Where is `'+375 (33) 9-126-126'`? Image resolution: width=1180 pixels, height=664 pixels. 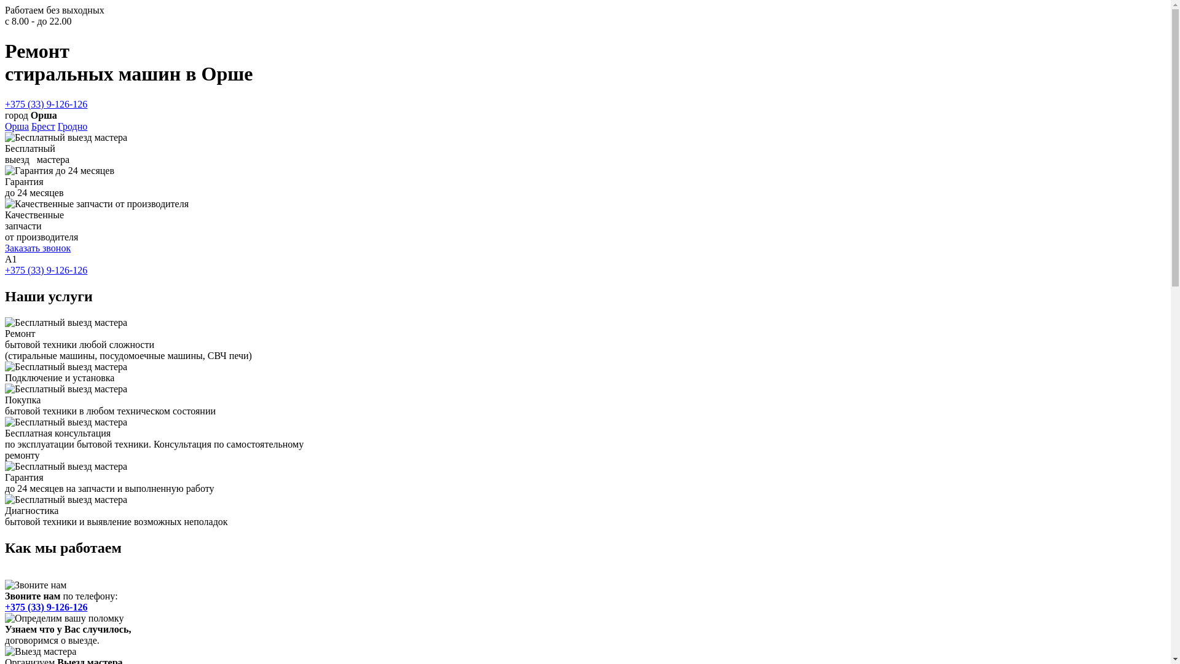
'+375 (33) 9-126-126' is located at coordinates (46, 269).